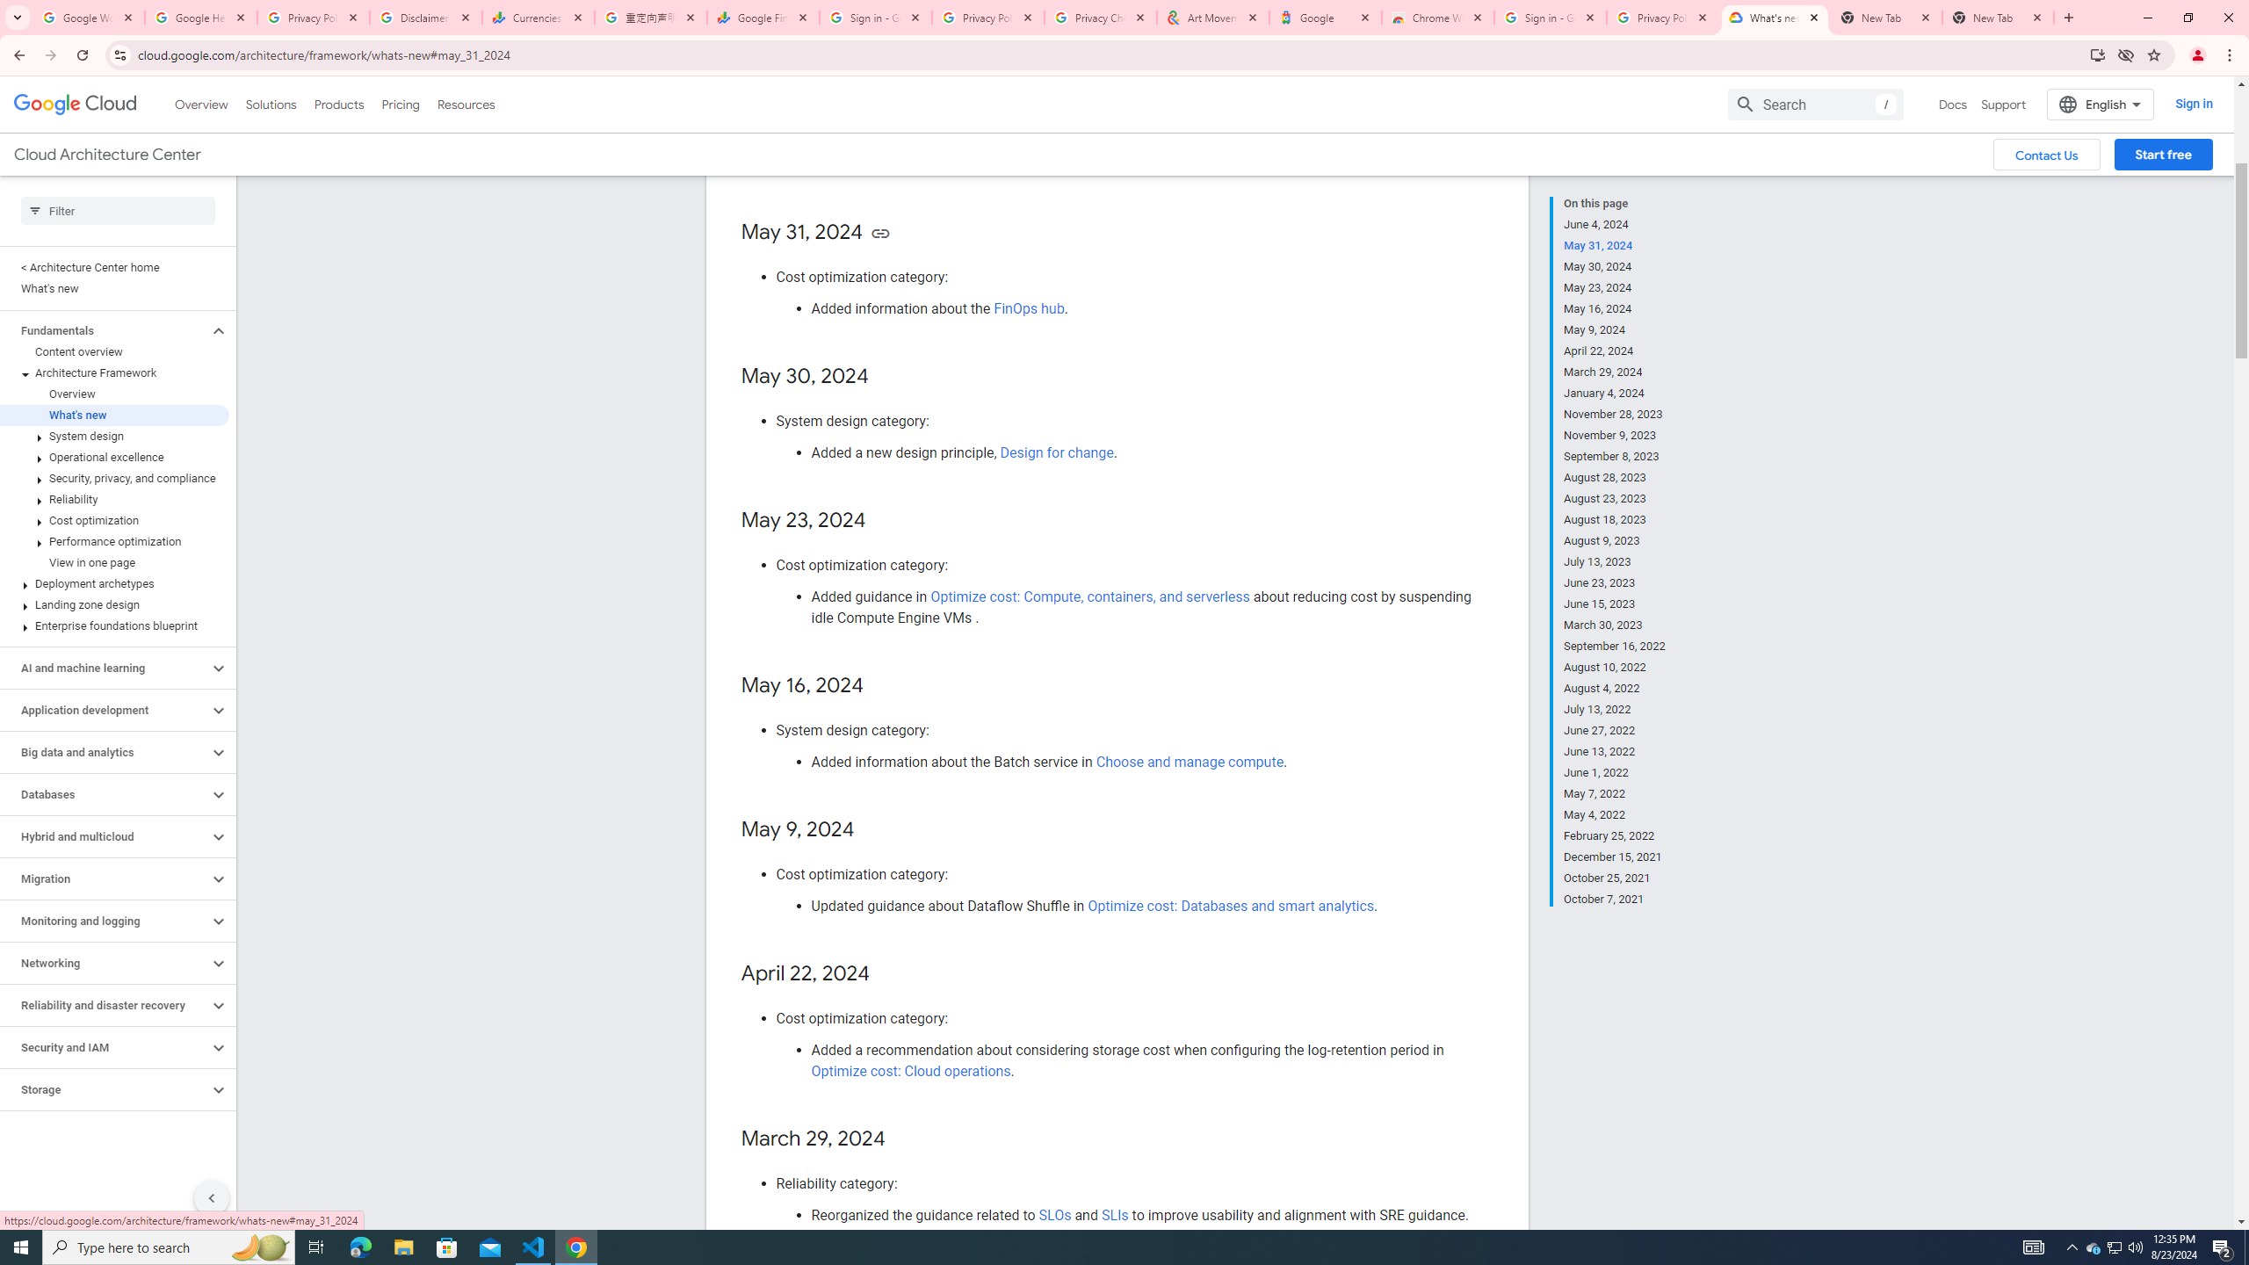  What do you see at coordinates (104, 1005) in the screenshot?
I see `'Reliability and disaster recovery'` at bounding box center [104, 1005].